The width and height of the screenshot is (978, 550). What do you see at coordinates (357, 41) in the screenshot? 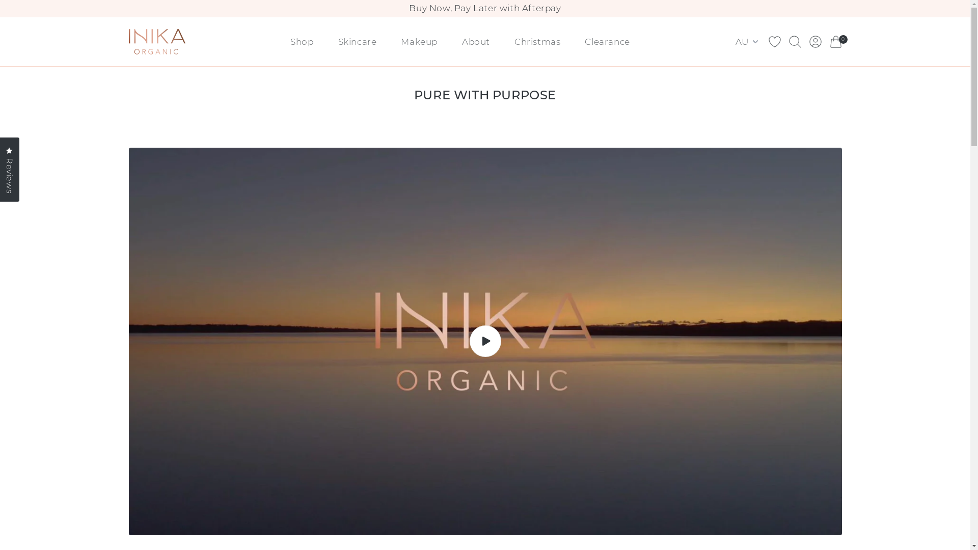
I see `'Skincare'` at bounding box center [357, 41].